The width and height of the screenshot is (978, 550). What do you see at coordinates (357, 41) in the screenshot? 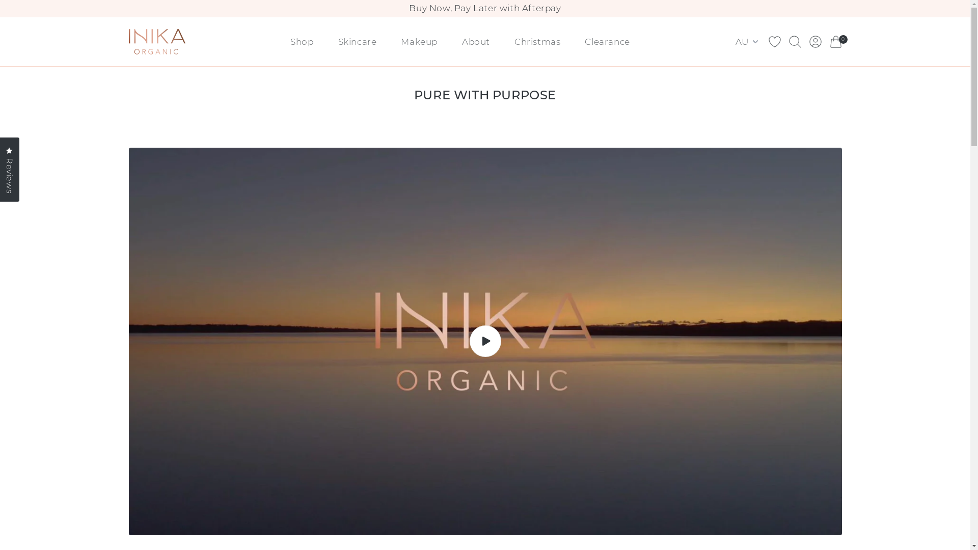
I see `'Skincare'` at bounding box center [357, 41].